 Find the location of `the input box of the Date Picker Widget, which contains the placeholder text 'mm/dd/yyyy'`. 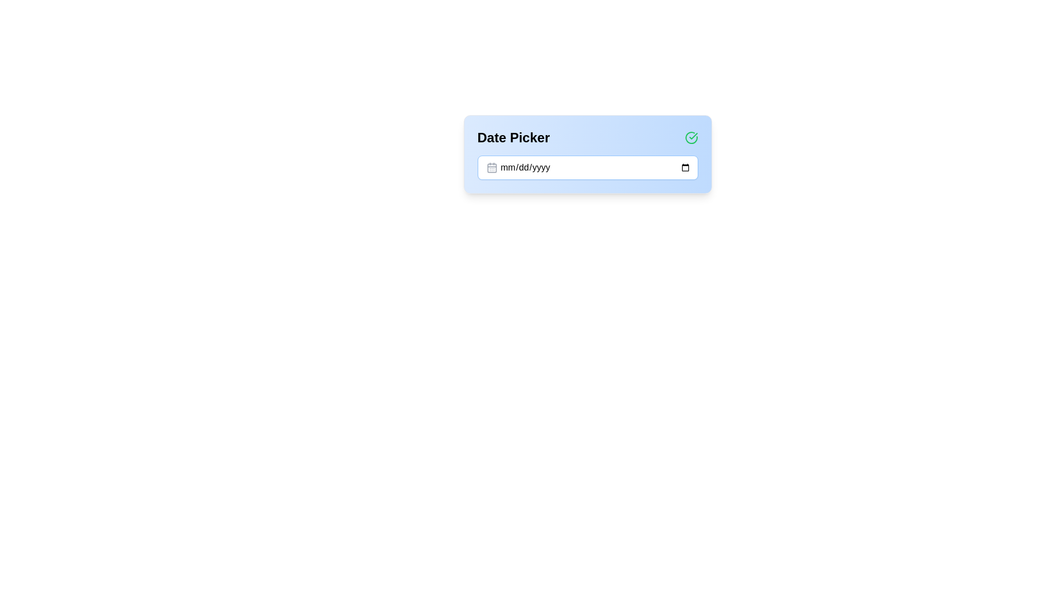

the input box of the Date Picker Widget, which contains the placeholder text 'mm/dd/yyyy' is located at coordinates (587, 154).